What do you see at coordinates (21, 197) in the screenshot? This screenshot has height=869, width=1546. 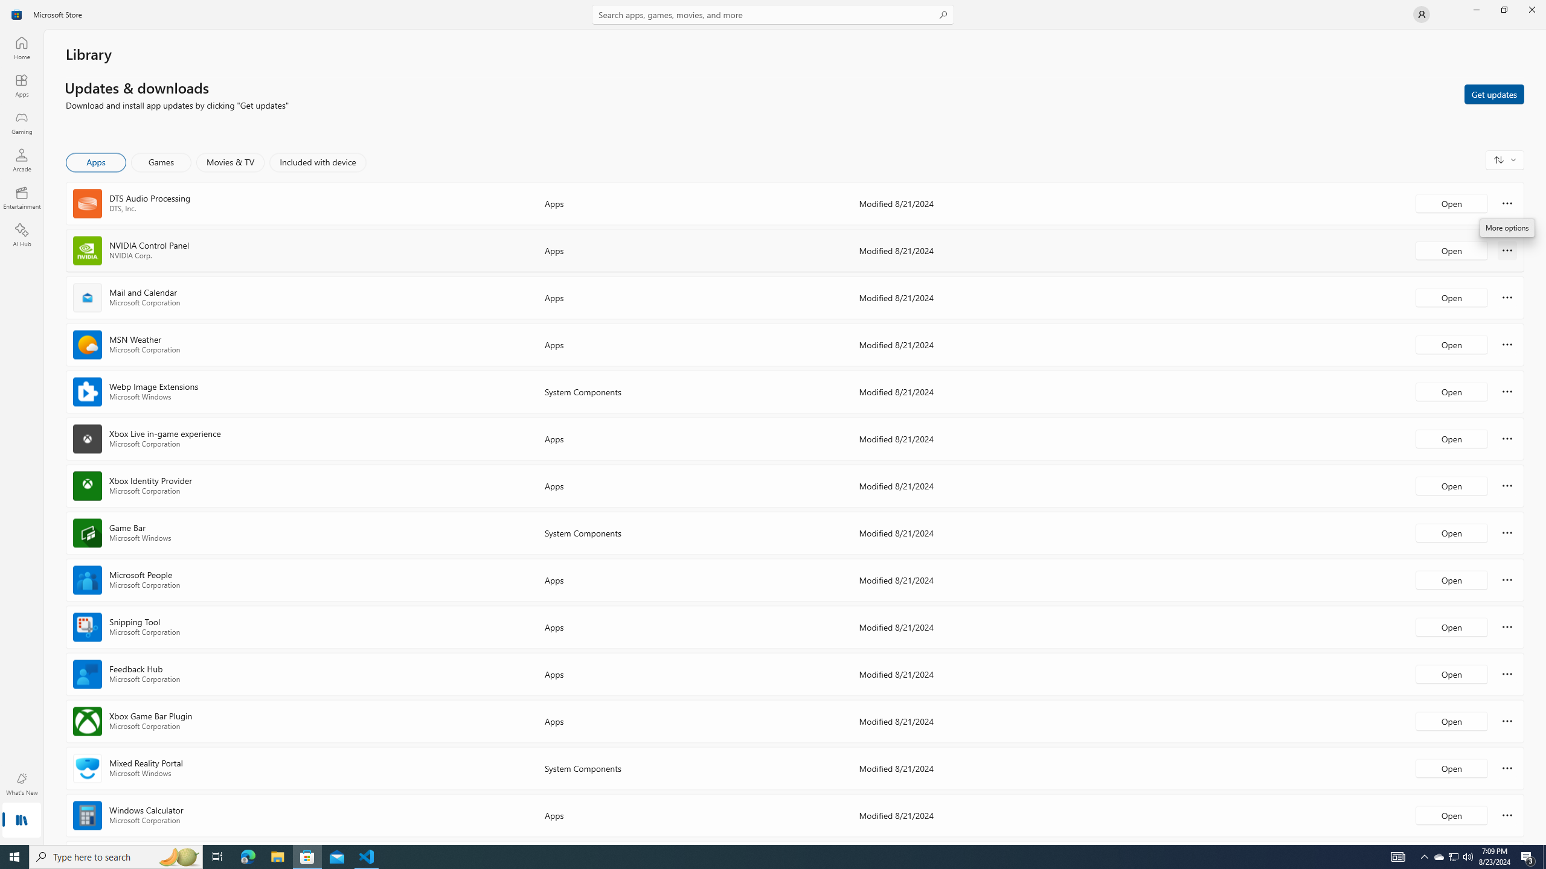 I see `'Entertainment'` at bounding box center [21, 197].